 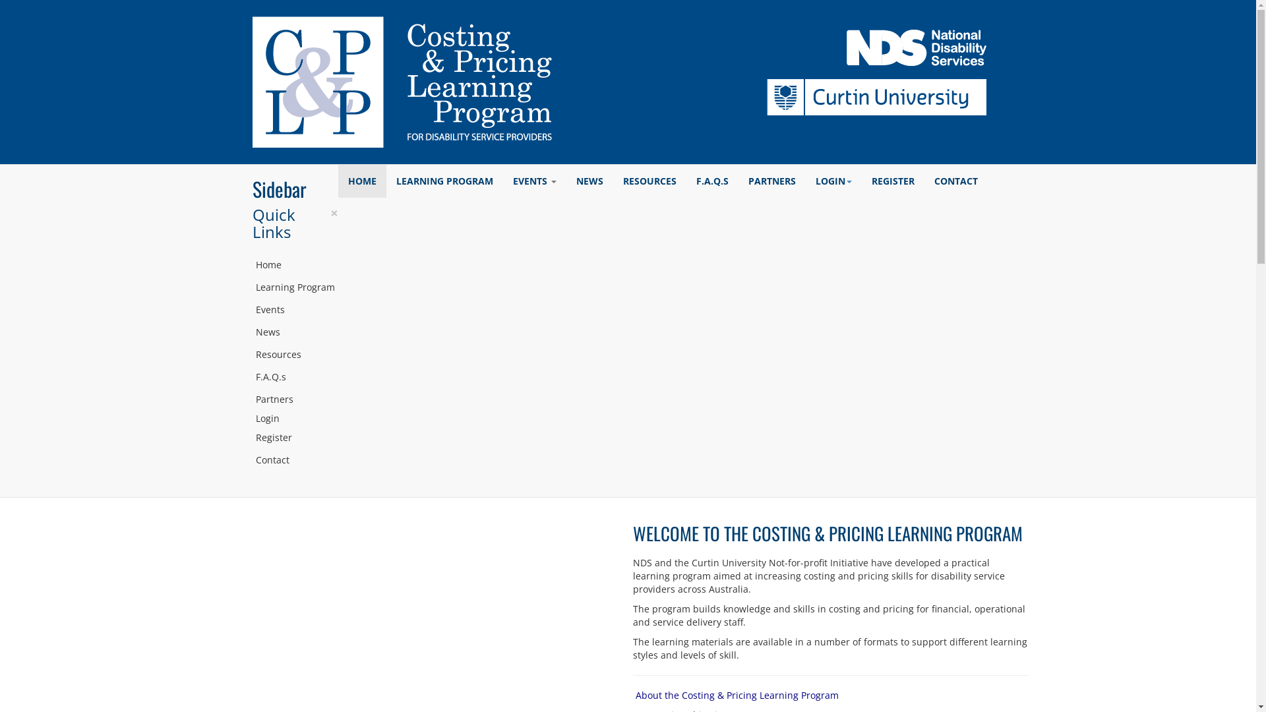 I want to click on 'HOME', so click(x=338, y=181).